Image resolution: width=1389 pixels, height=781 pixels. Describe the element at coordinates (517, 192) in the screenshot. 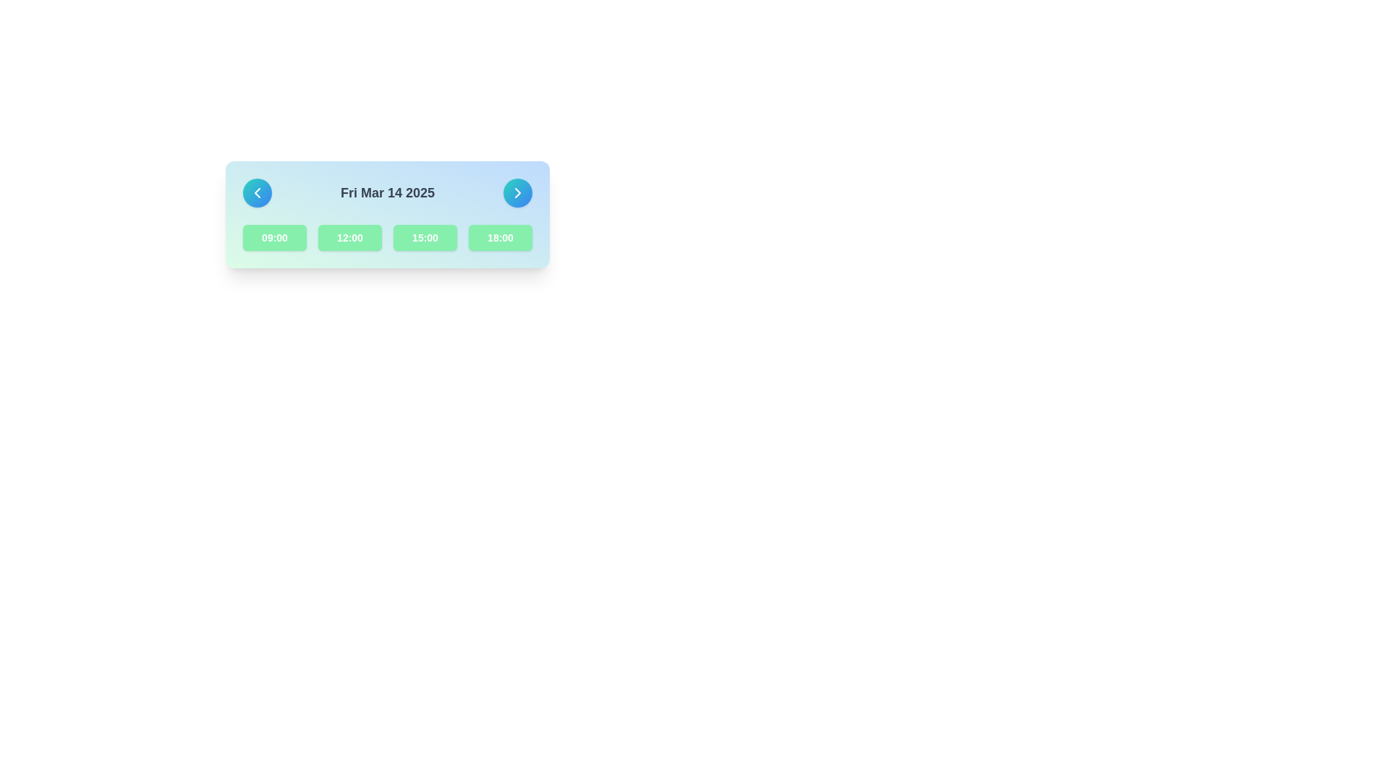

I see `the rightwards arrow icon located on the right side of the navigation component` at that location.